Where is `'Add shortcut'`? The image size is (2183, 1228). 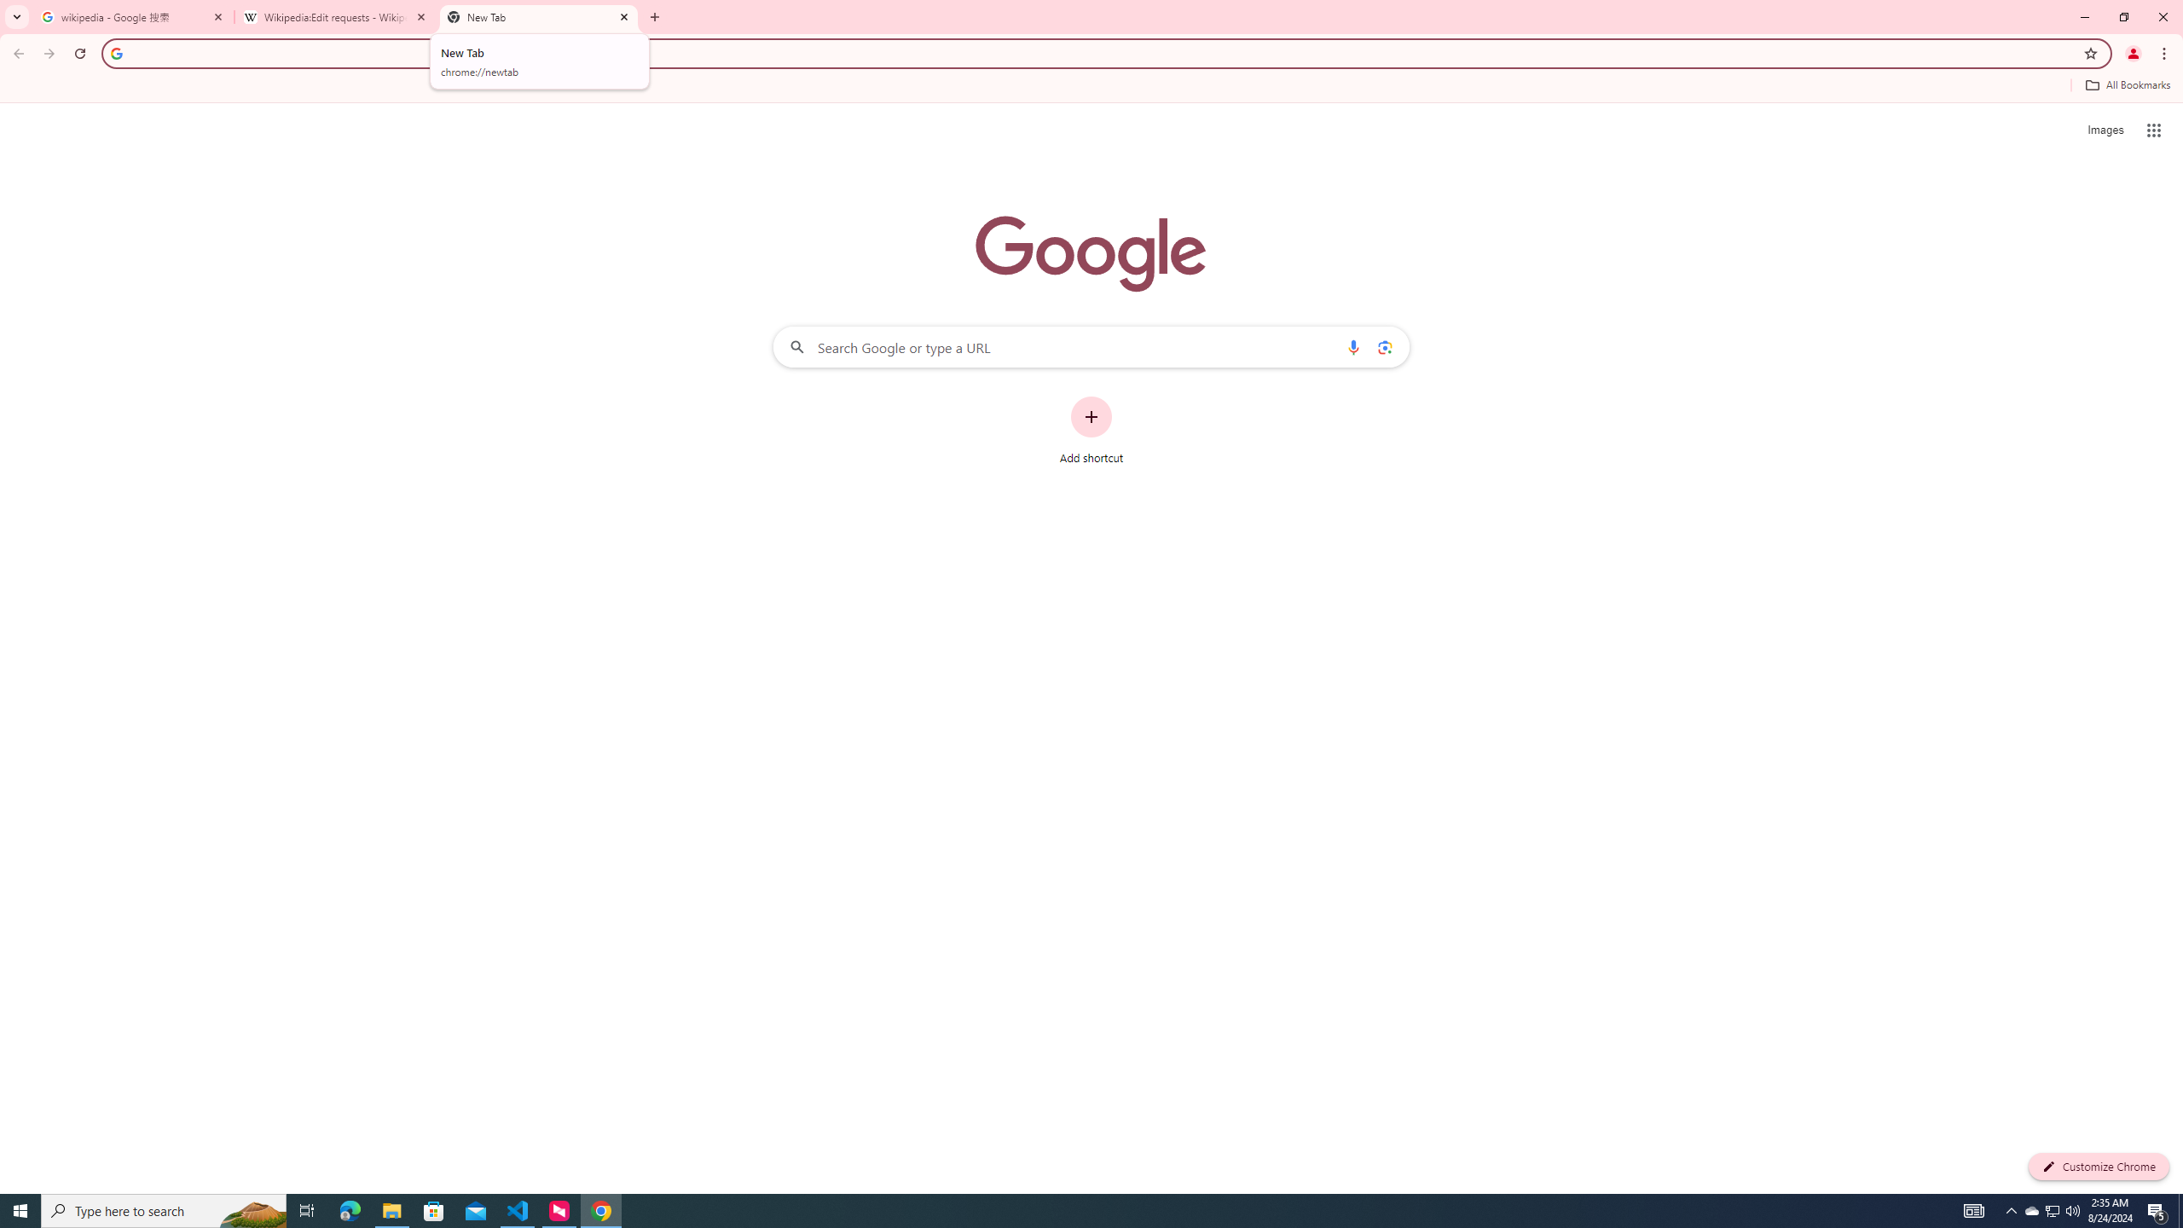 'Add shortcut' is located at coordinates (1091, 431).